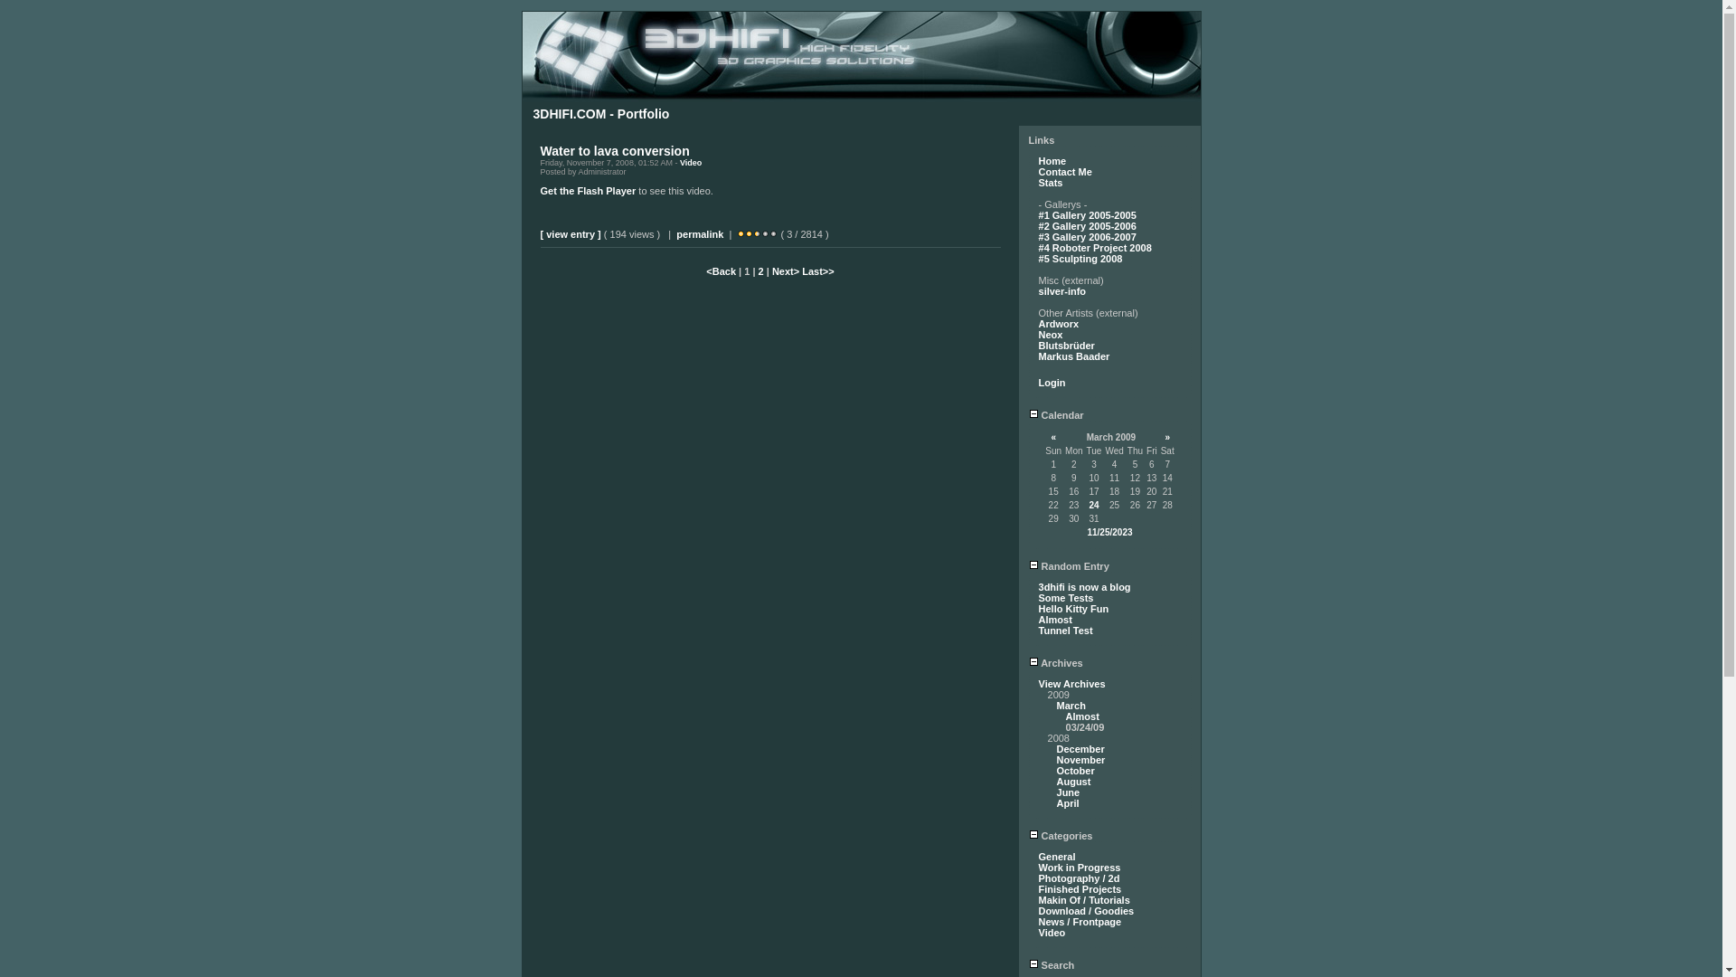 Image resolution: width=1736 pixels, height=977 pixels. I want to click on 'Get the Flash Player', so click(589, 191).